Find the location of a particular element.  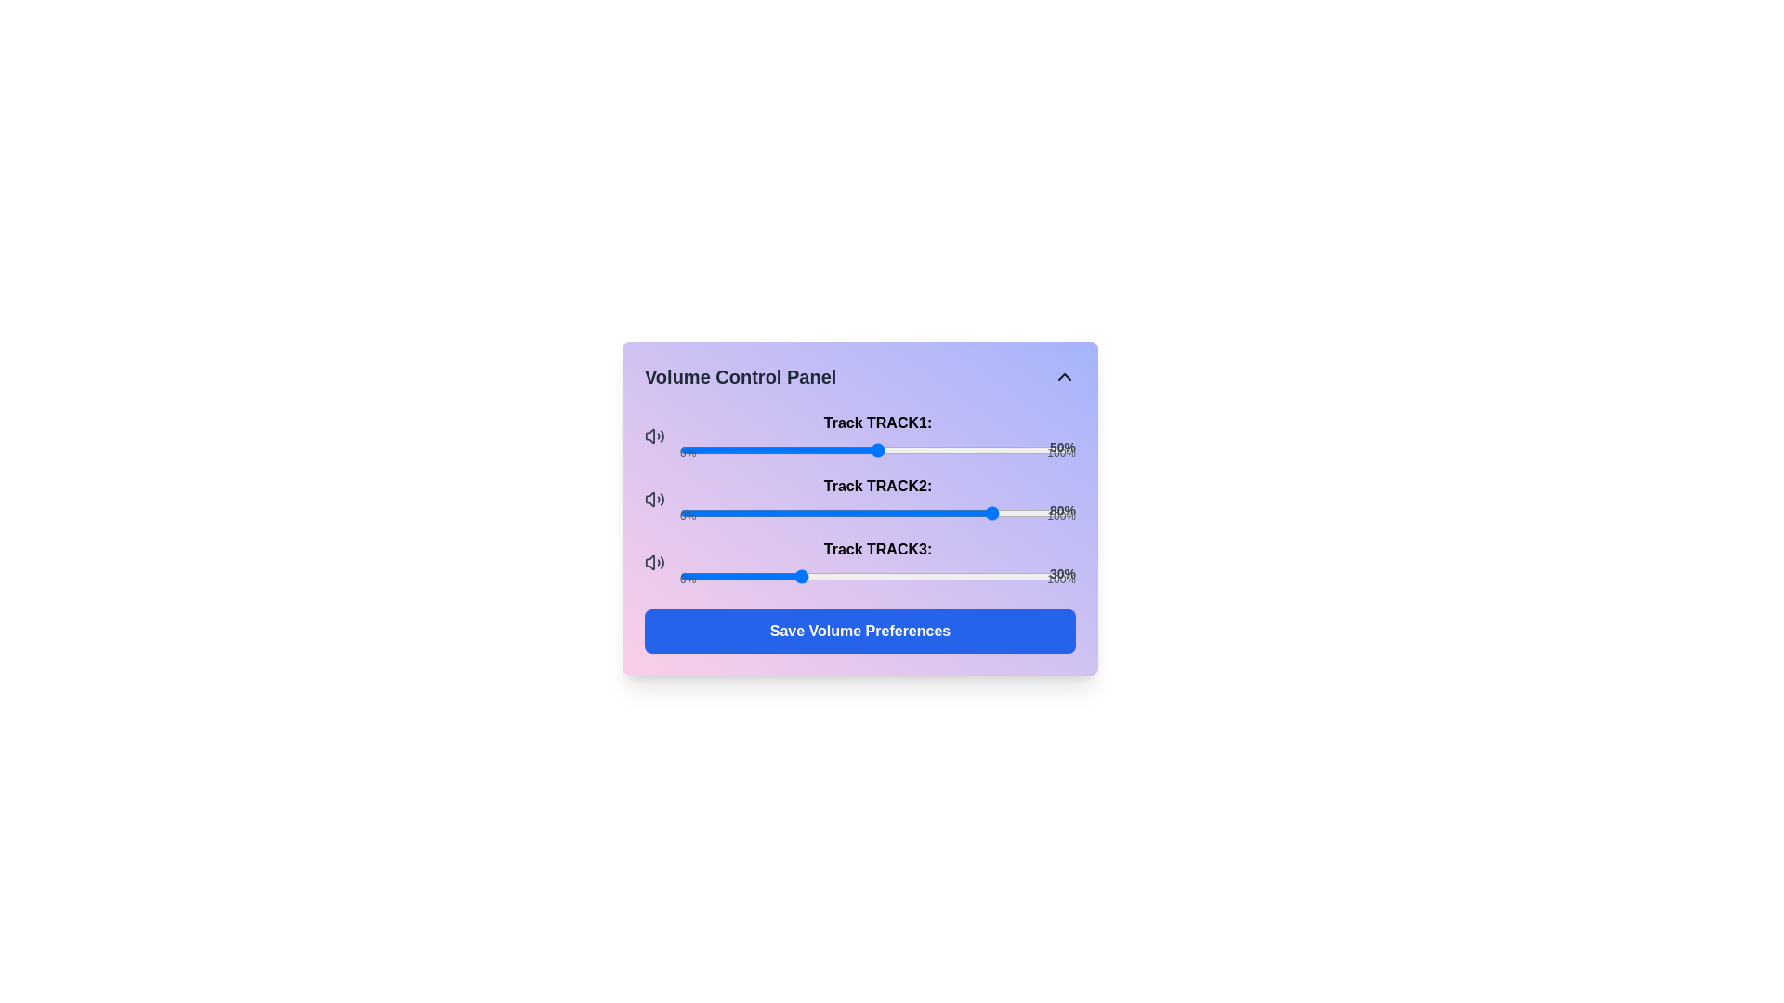

the slider value is located at coordinates (1007, 576).